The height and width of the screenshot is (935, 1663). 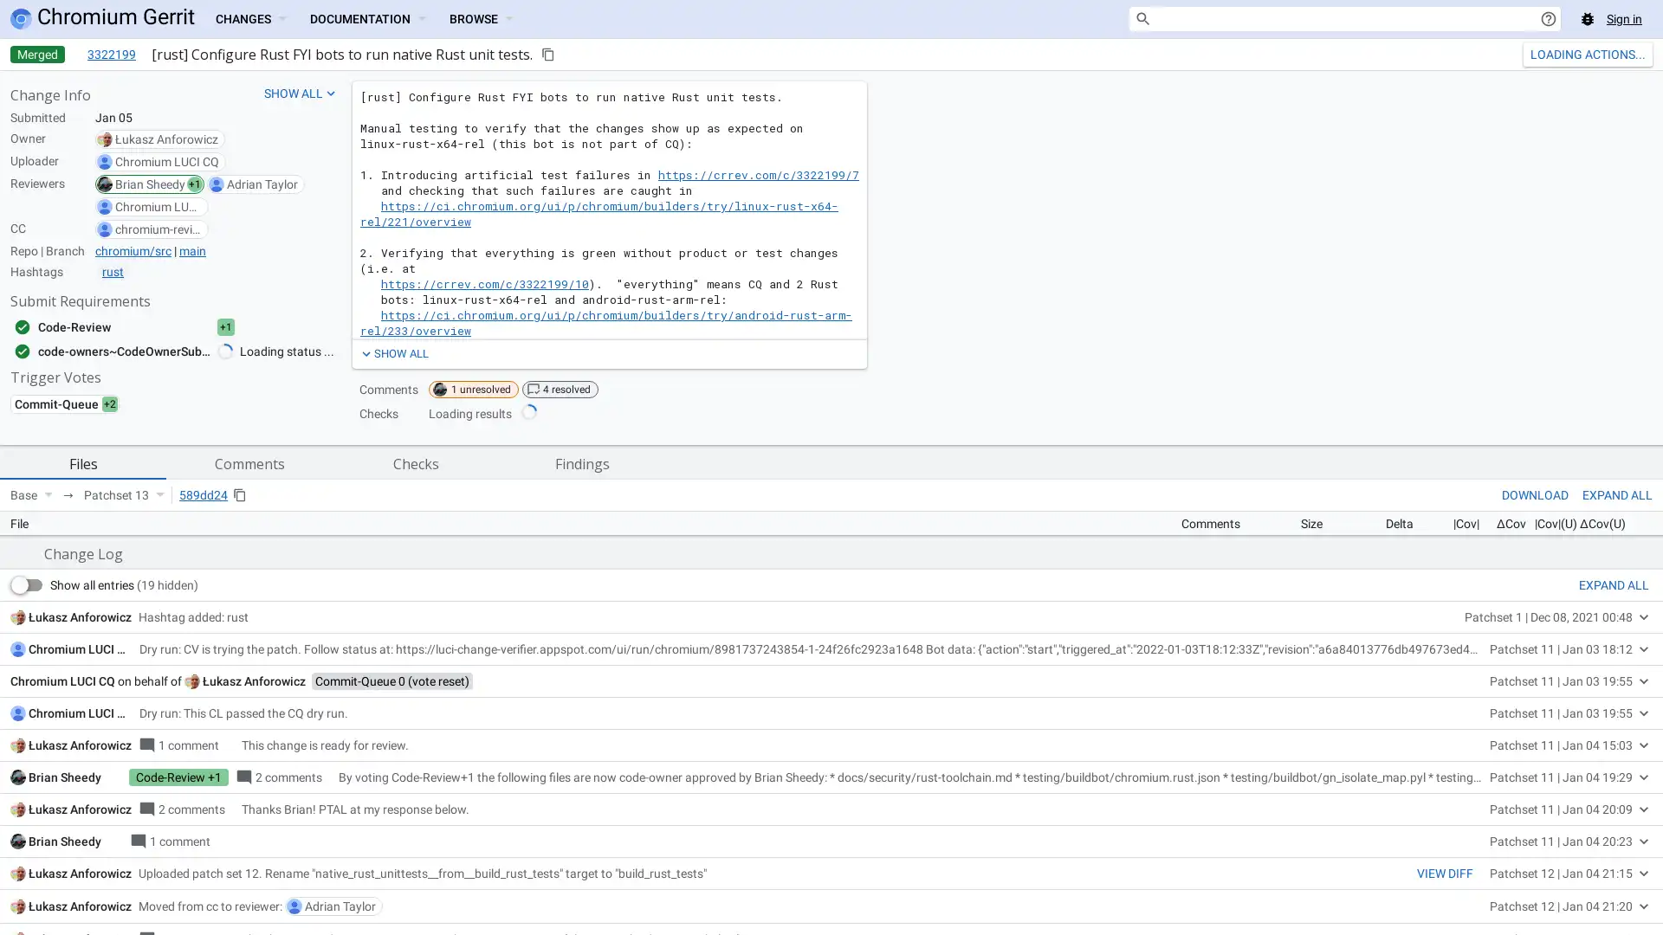 I want to click on FAQ, so click(x=1564, y=753).